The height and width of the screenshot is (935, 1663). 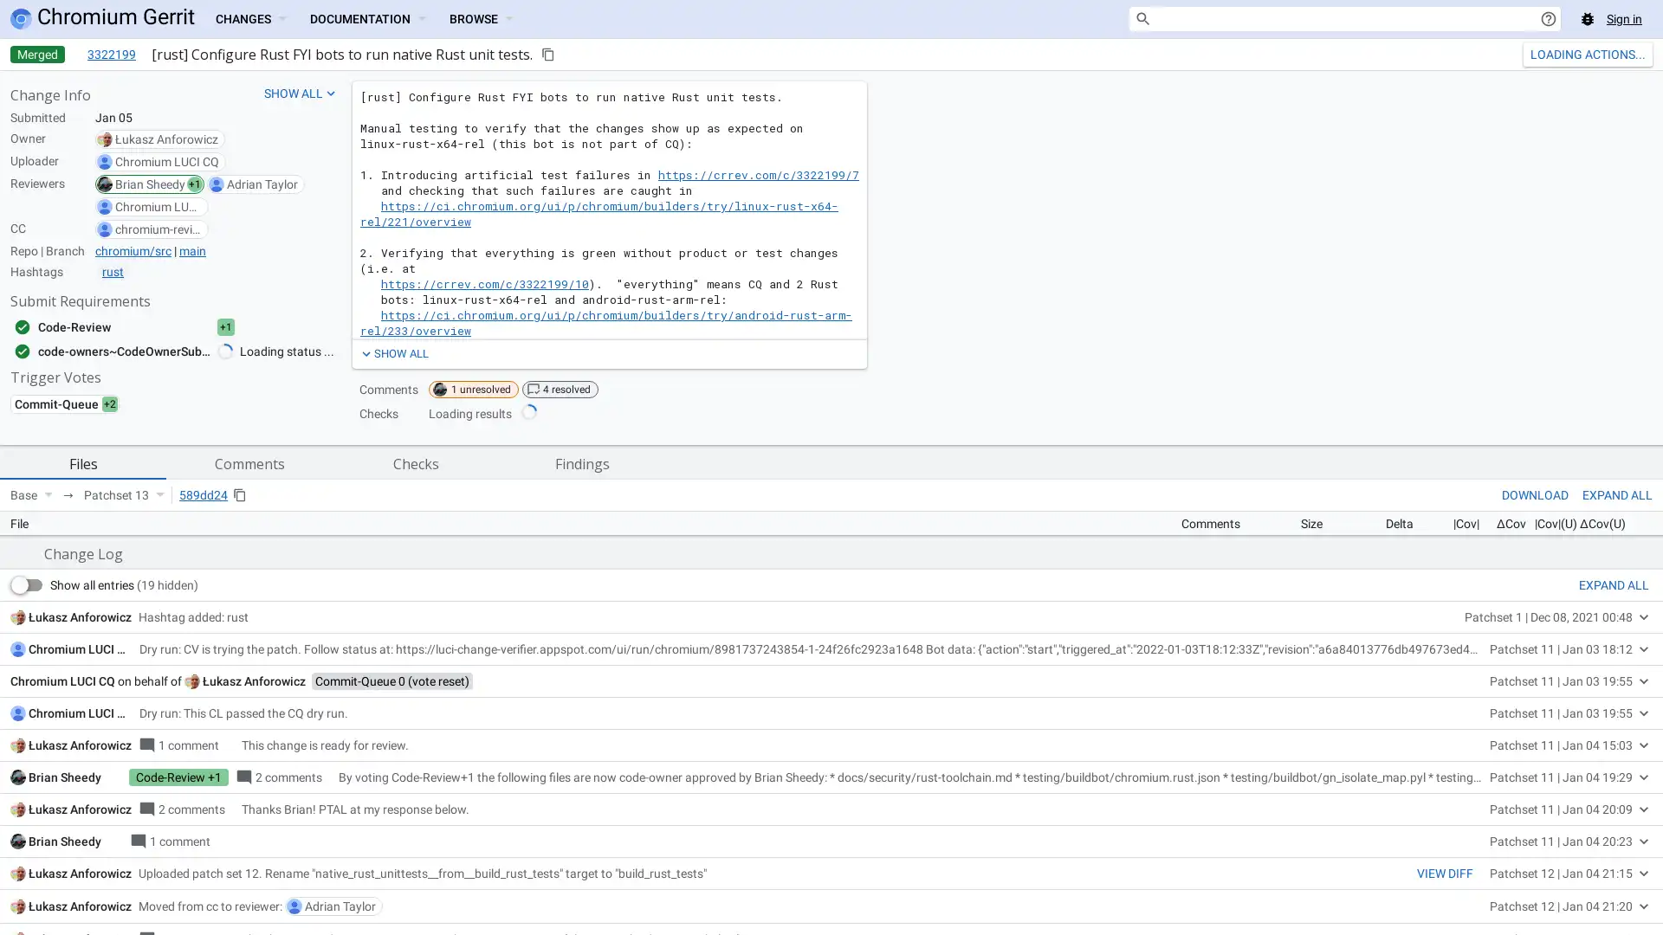 I want to click on FAQ, so click(x=1564, y=753).